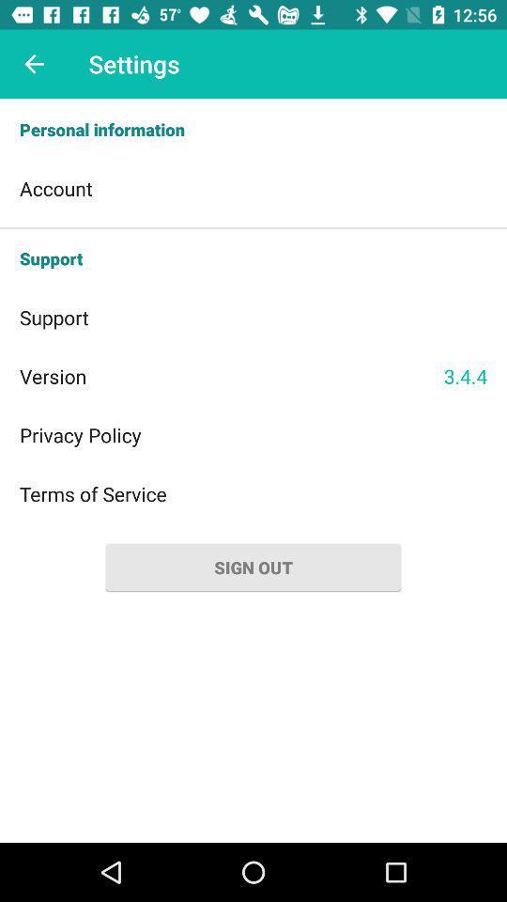 The image size is (507, 902). I want to click on the icon next to the 3.4.4 icon, so click(231, 375).